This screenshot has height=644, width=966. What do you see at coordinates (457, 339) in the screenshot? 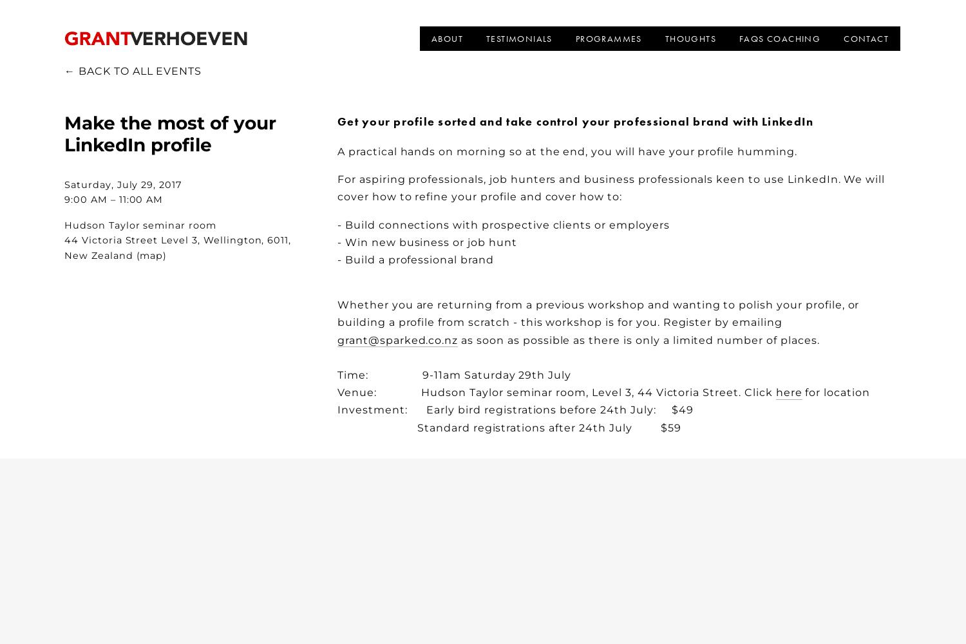
I see `'as soon as possible as there is only a limited number of places.'` at bounding box center [457, 339].